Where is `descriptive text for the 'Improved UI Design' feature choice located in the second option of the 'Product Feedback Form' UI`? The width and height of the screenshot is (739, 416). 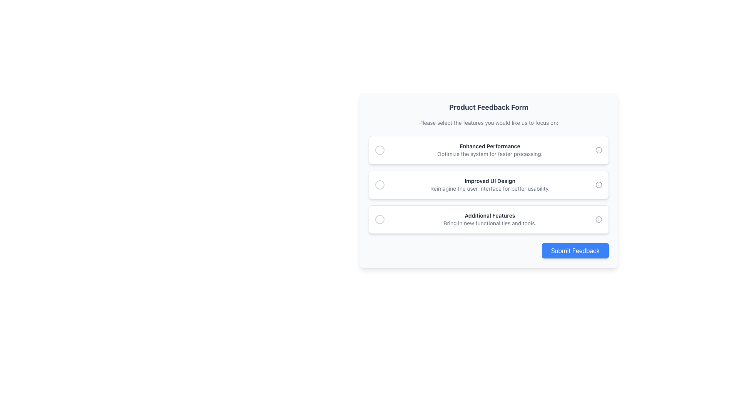
descriptive text for the 'Improved UI Design' feature choice located in the second option of the 'Product Feedback Form' UI is located at coordinates (489, 185).